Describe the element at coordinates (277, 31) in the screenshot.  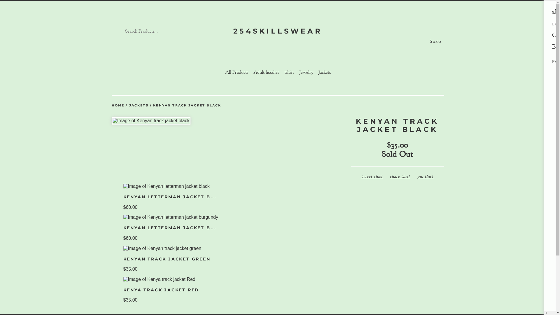
I see `'254SKILLSWEAR'` at that location.